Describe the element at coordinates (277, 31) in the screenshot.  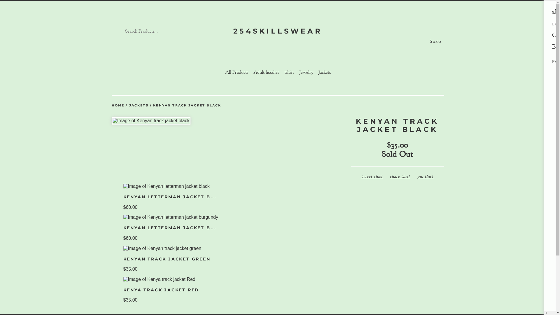
I see `'254SKILLSWEAR'` at that location.